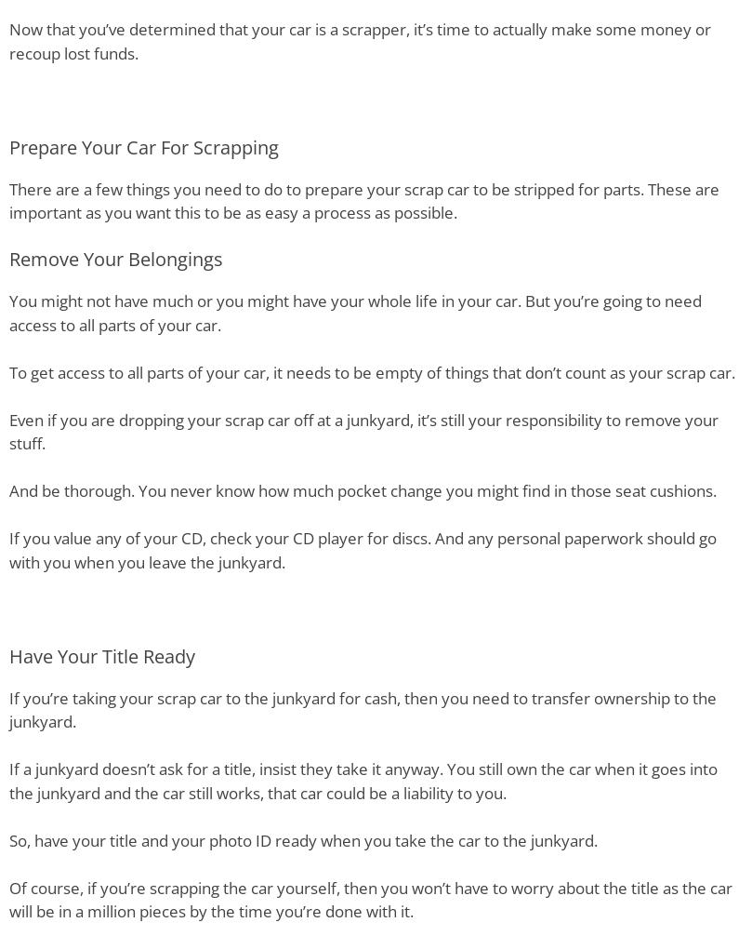 The width and height of the screenshot is (752, 936). What do you see at coordinates (363, 780) in the screenshot?
I see `'If a junkyard doesn’t ask for a title, insist they take it anyway. You still own the car when it goes into the junkyard and the car still works, that car could be a liability to you.'` at bounding box center [363, 780].